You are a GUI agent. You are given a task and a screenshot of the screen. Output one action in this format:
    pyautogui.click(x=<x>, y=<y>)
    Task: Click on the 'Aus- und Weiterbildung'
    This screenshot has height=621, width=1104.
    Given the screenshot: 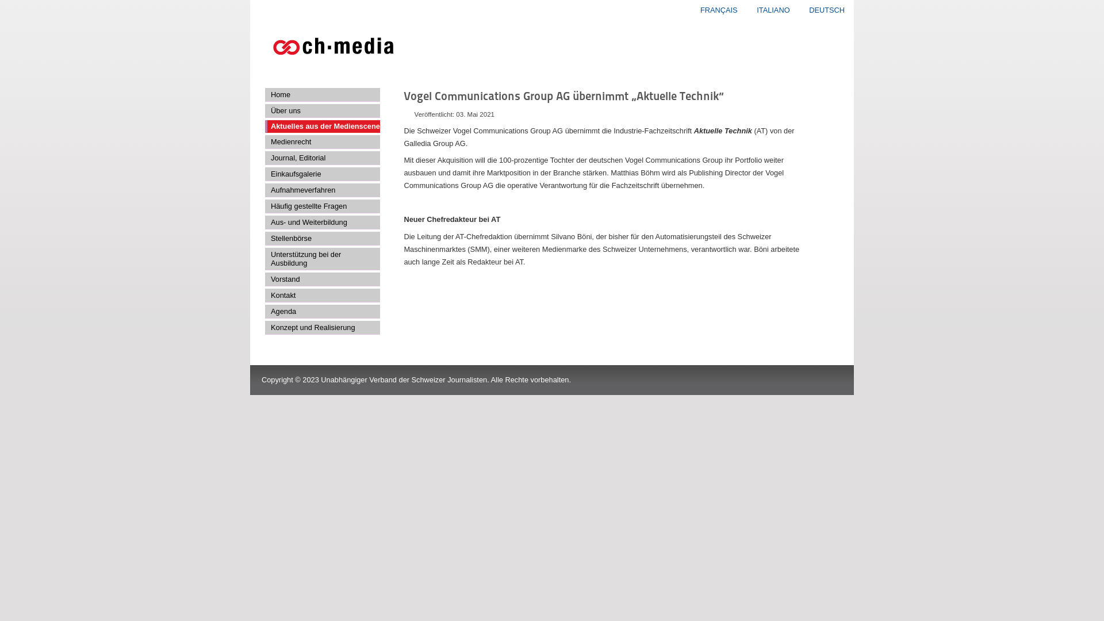 What is the action you would take?
    pyautogui.click(x=322, y=222)
    